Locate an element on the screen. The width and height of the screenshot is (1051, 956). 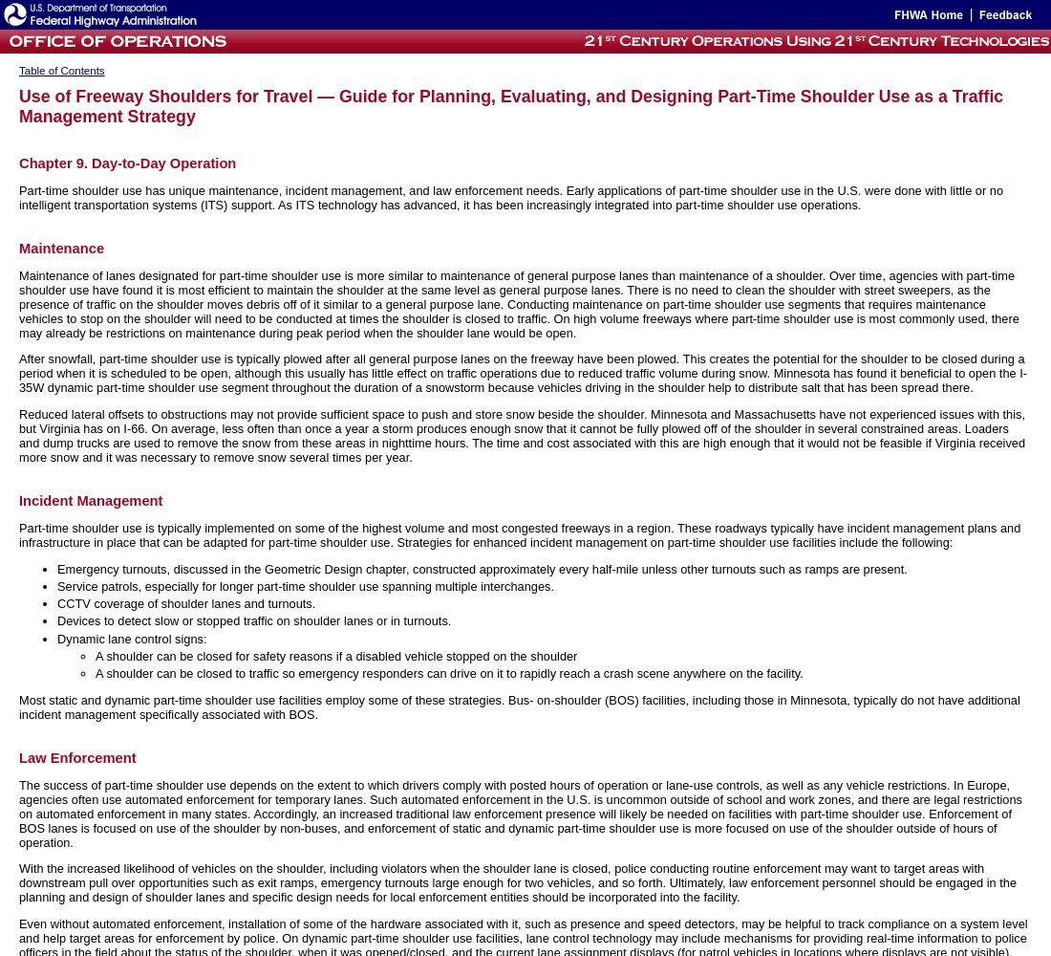
'Maintenance' is located at coordinates (18, 248).